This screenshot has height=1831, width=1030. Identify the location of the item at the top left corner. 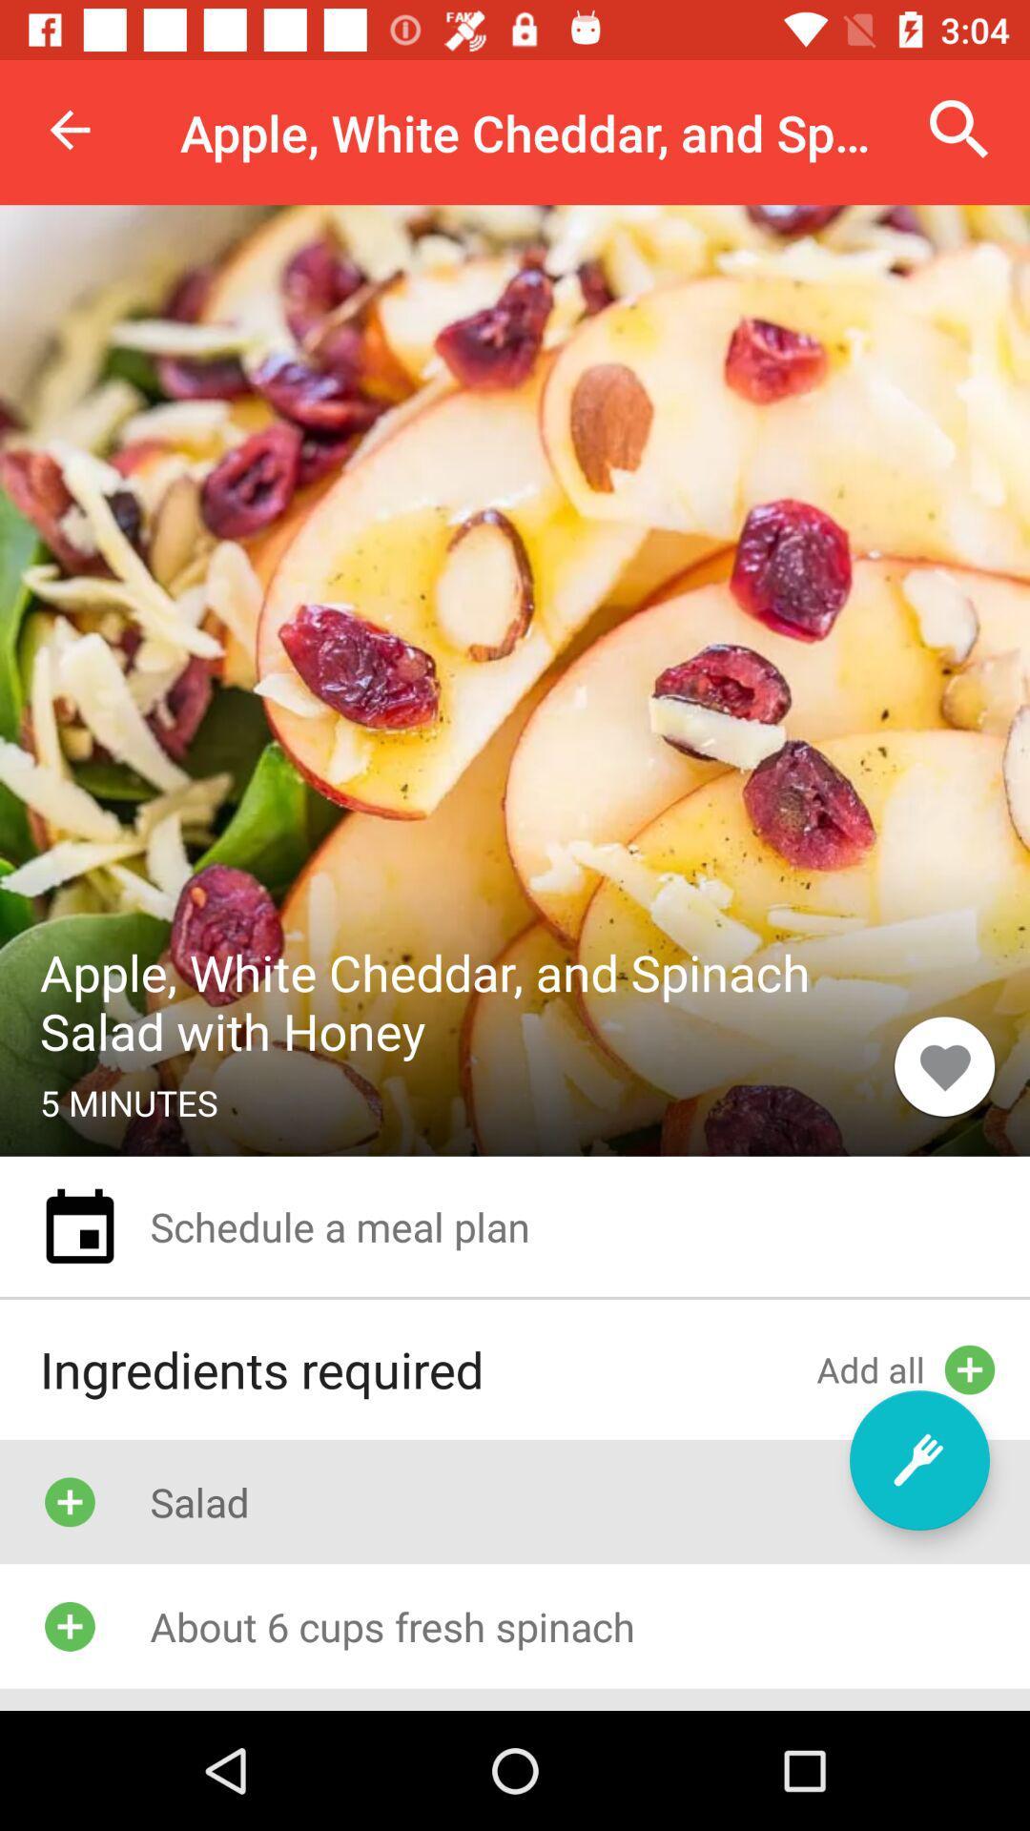
(69, 129).